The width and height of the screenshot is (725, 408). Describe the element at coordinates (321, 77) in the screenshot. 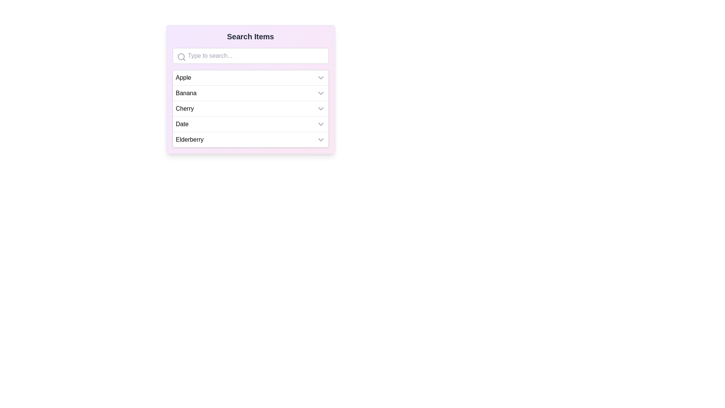

I see `the downward-facing chevron arrow icon located at the far right of the row labeled 'Apple' to potentially reveal hover effects` at that location.